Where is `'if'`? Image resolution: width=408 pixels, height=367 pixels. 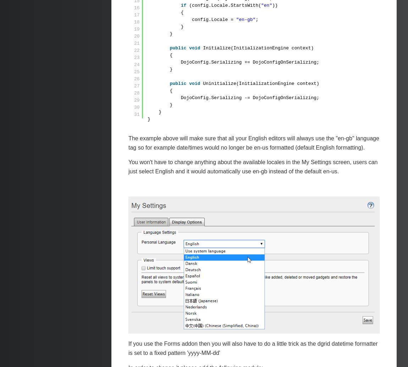 'if' is located at coordinates (183, 5).